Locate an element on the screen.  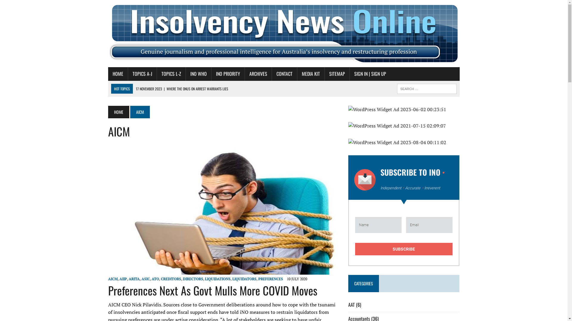
'SIGN IN | SIGN UP' is located at coordinates (370, 74).